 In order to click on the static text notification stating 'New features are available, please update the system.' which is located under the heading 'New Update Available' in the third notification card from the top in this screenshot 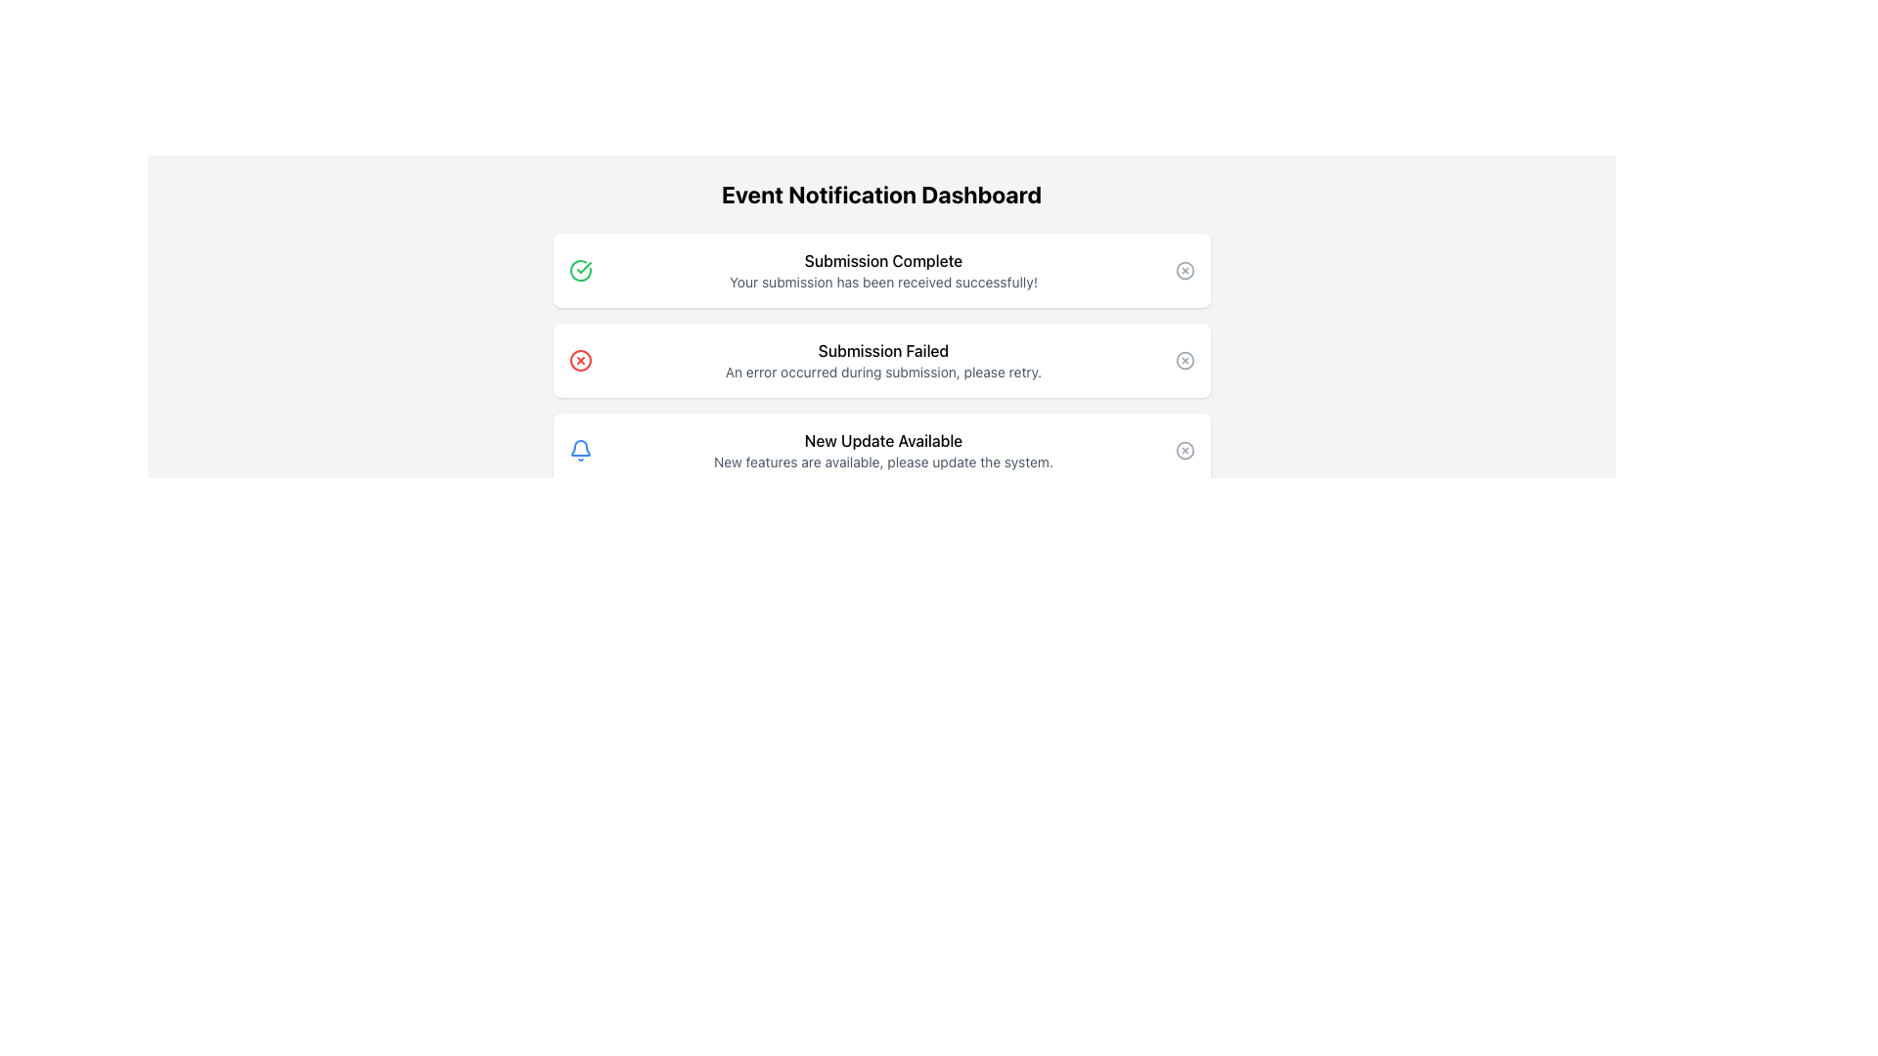, I will do `click(882, 462)`.